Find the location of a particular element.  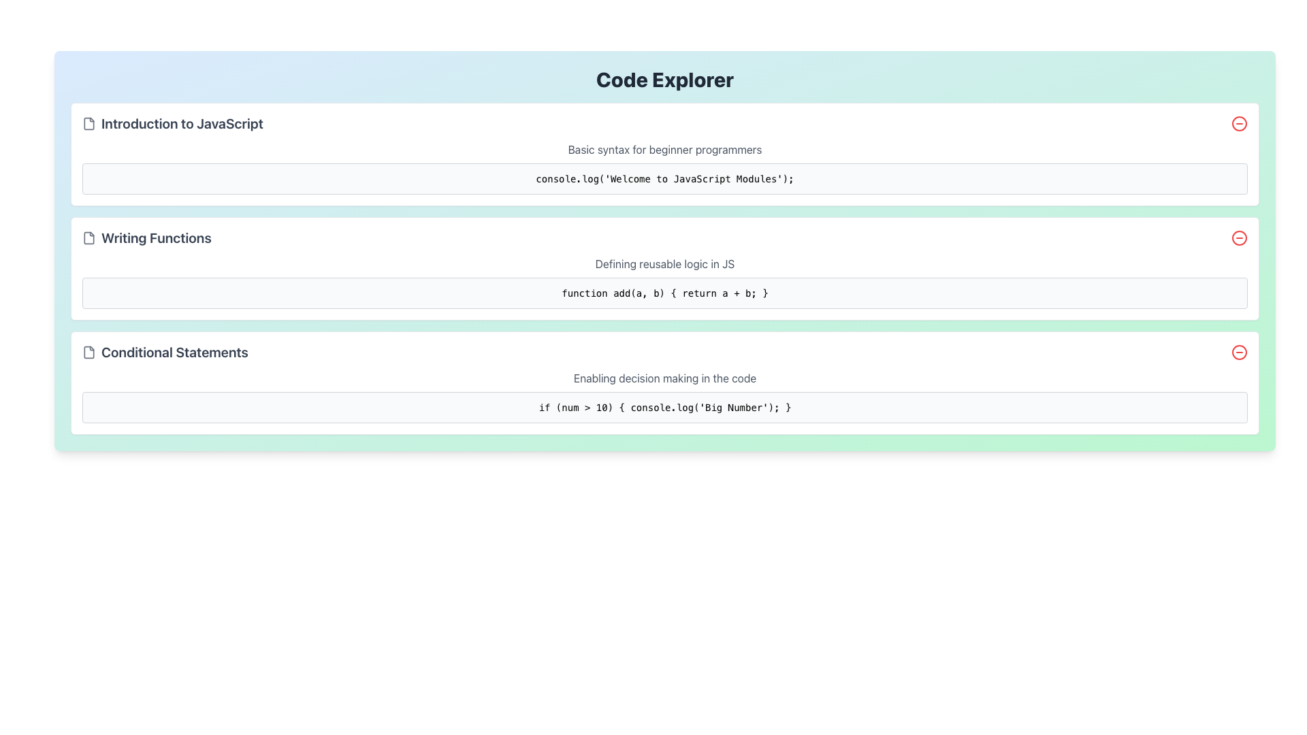

the code block containing the text 'if (num > 10) { console.log('Big Number'); }' which is styled with a light gray background and located under 'Enabling decision making in the code' is located at coordinates (665, 406).